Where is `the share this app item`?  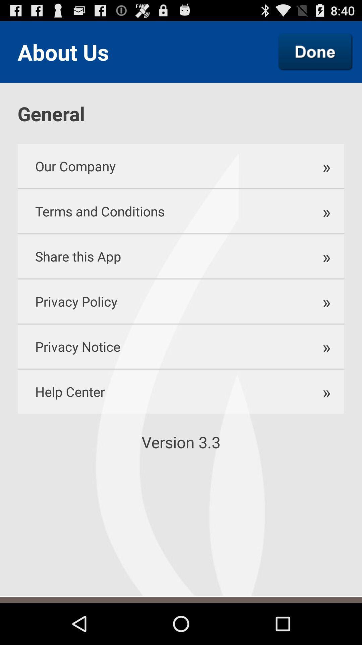
the share this app item is located at coordinates (160, 256).